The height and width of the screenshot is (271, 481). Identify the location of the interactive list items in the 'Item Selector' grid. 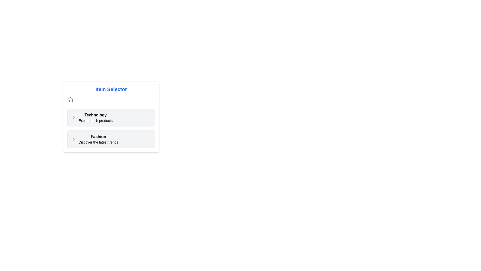
(111, 128).